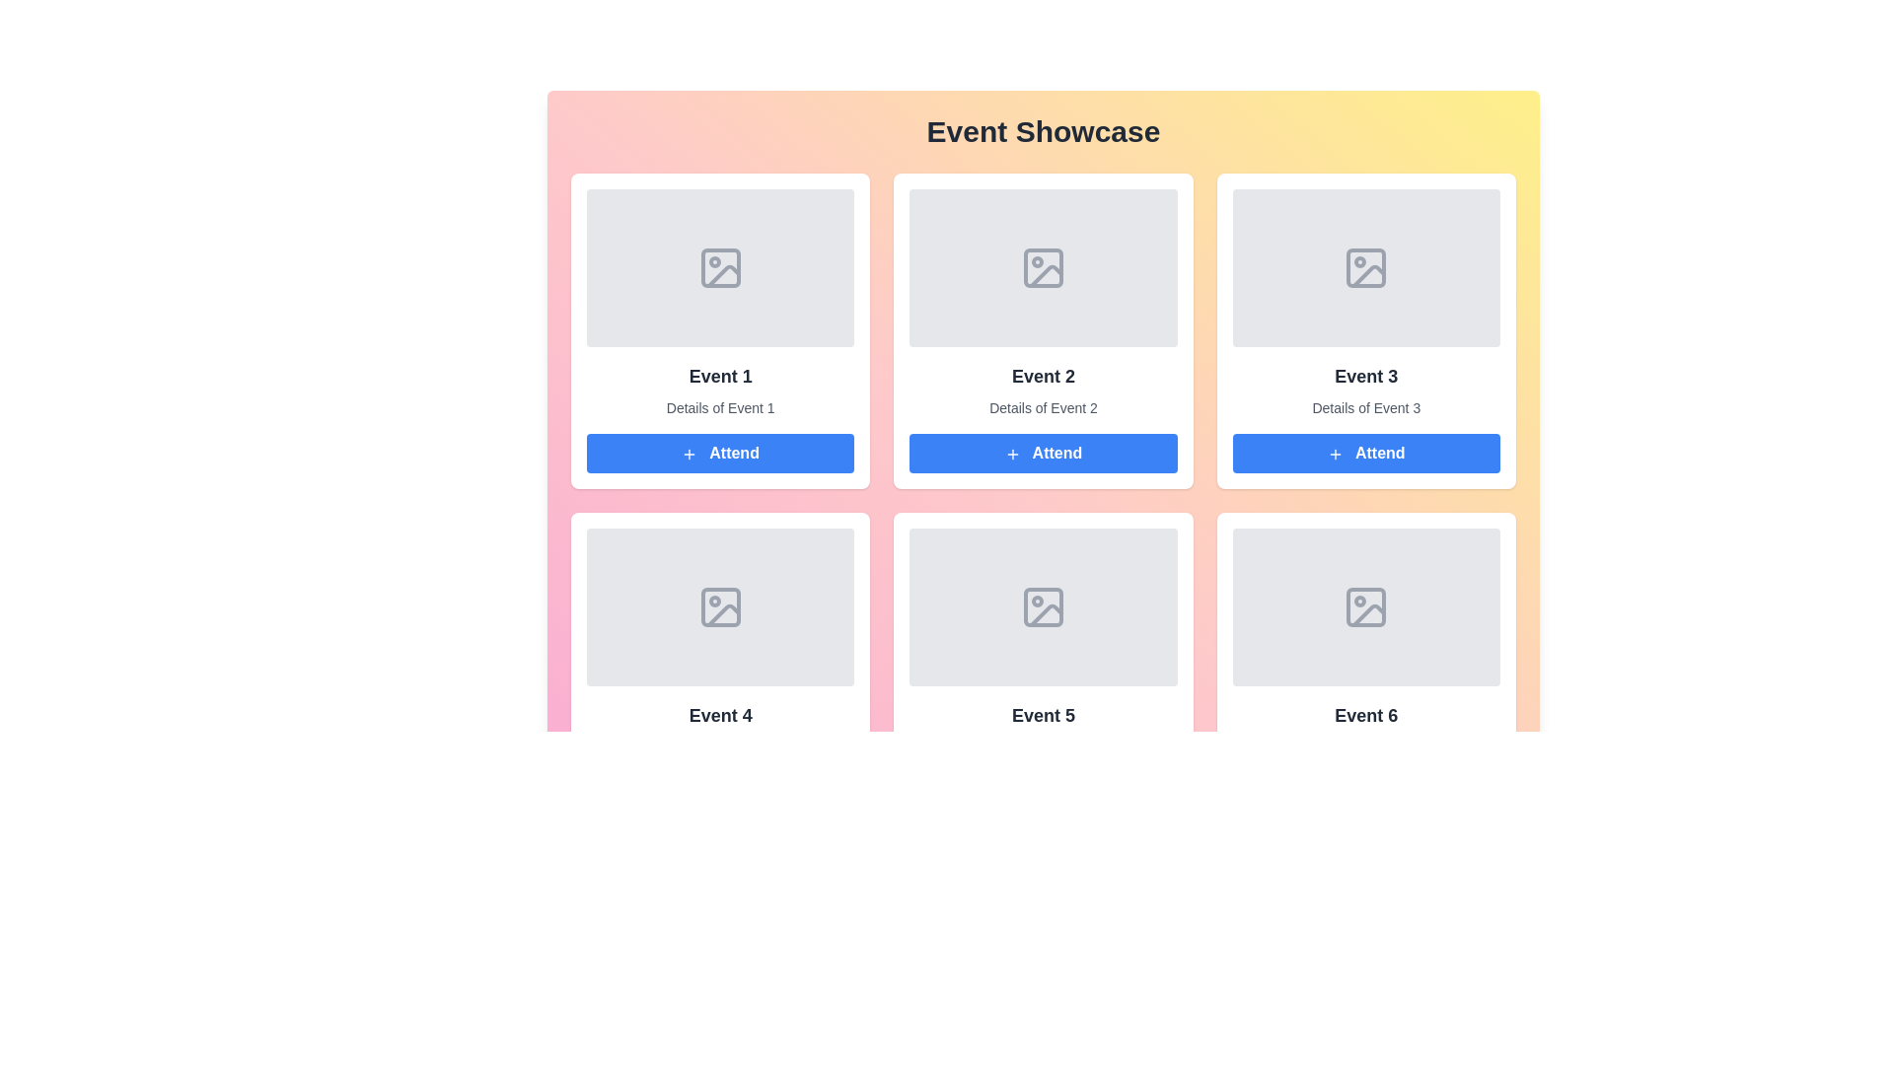 Image resolution: width=1894 pixels, height=1065 pixels. Describe the element at coordinates (1045, 614) in the screenshot. I see `the line element representing an error state within the placeholder image icon of the 'Event 5' card` at that location.